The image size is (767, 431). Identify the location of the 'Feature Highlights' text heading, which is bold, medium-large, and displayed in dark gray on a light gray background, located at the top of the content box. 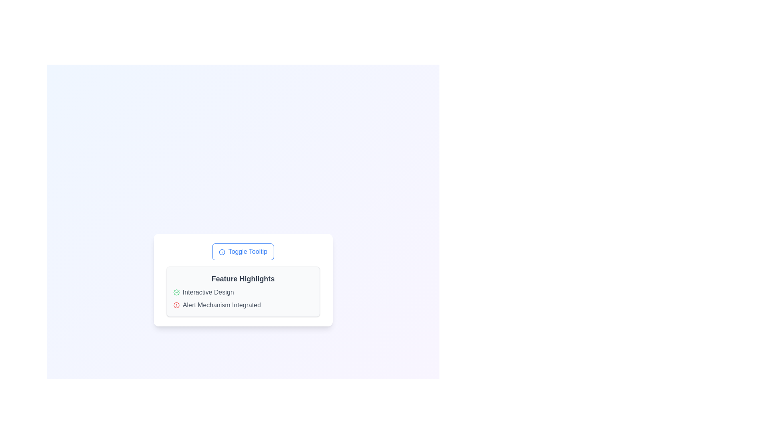
(242, 278).